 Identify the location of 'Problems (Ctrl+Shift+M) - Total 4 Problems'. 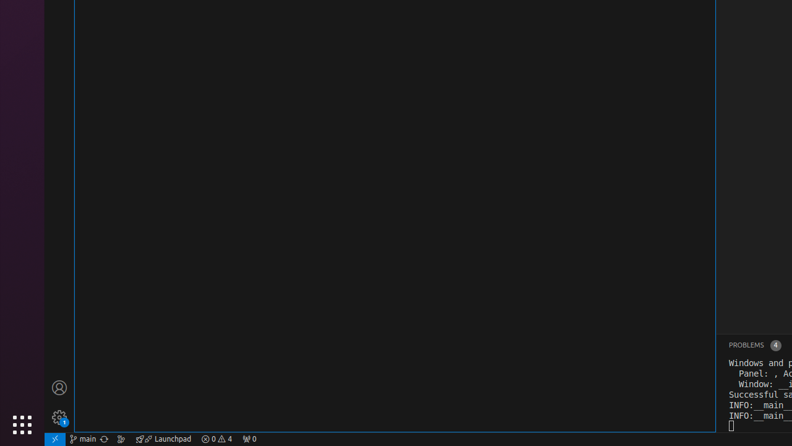
(754, 345).